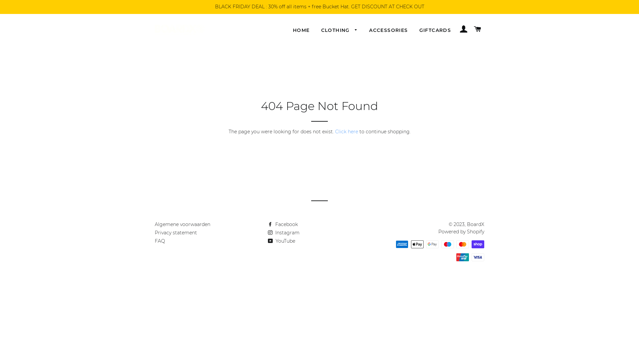  Describe the element at coordinates (160, 241) in the screenshot. I see `'FAQ'` at that location.